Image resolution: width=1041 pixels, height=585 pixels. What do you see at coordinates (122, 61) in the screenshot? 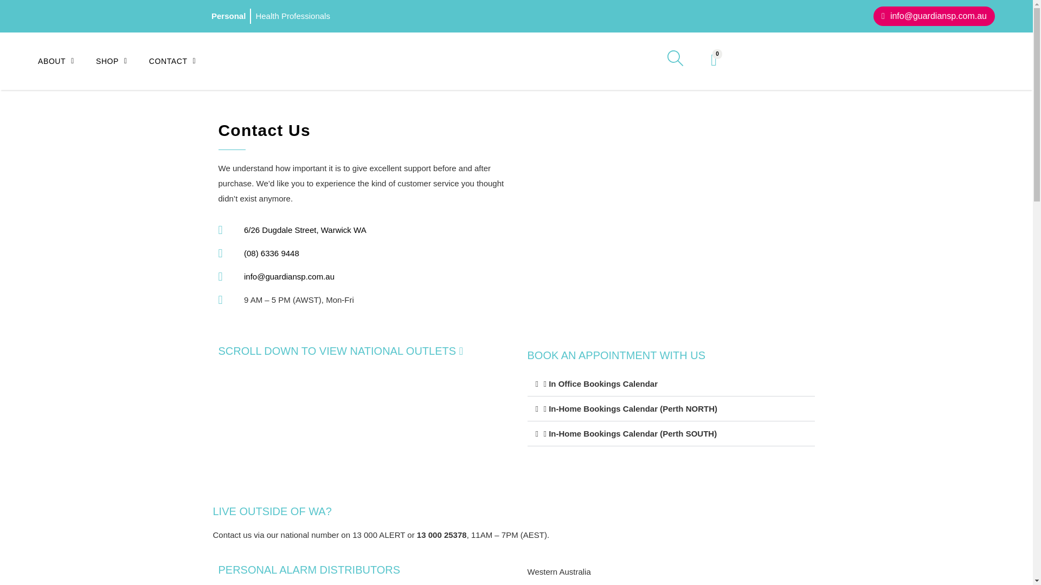
I see `'SHOP'` at bounding box center [122, 61].